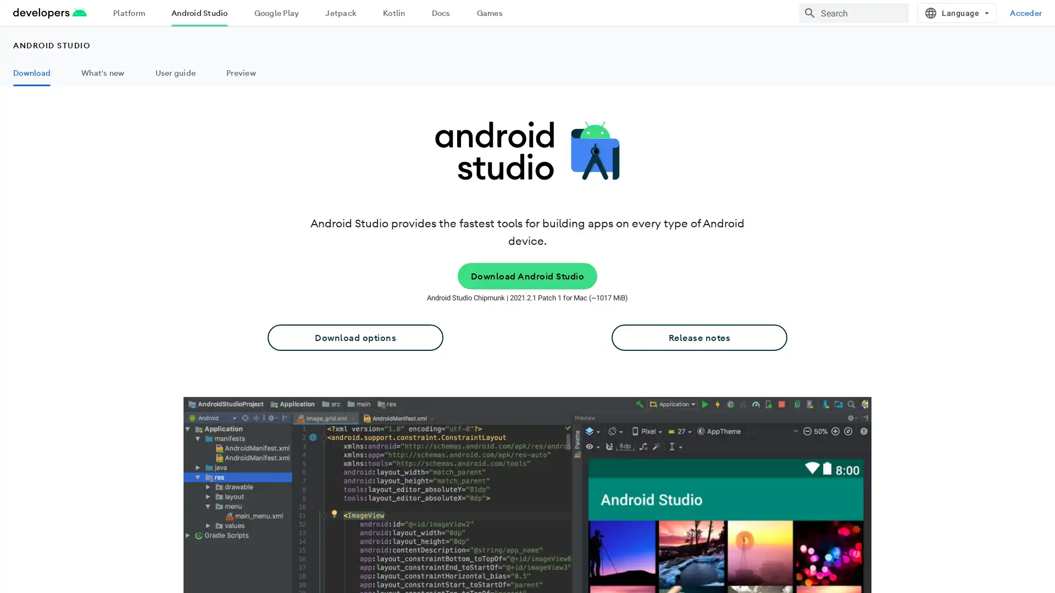 The width and height of the screenshot is (1055, 593). I want to click on Download Android Studio, so click(526, 275).